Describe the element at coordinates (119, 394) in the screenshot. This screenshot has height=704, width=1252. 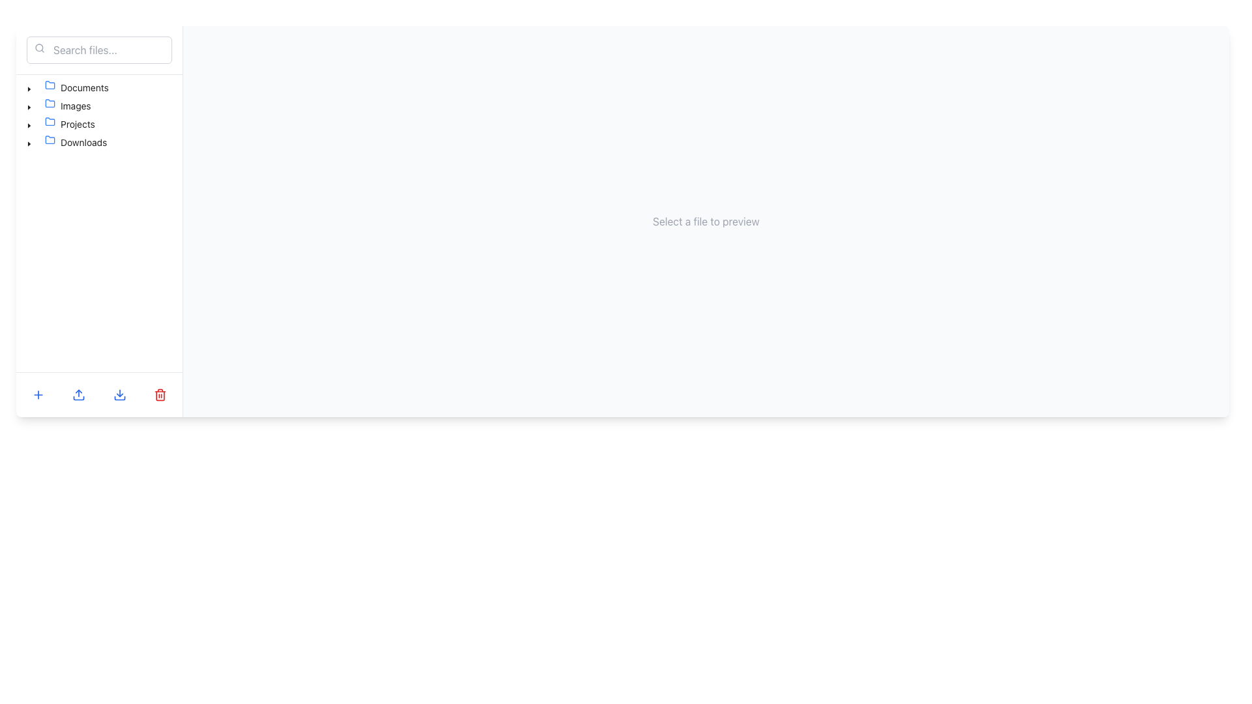
I see `the rectangular download button with a blue downward-pointing arrow icon, located at the bottom left of the interface, to initiate the download` at that location.